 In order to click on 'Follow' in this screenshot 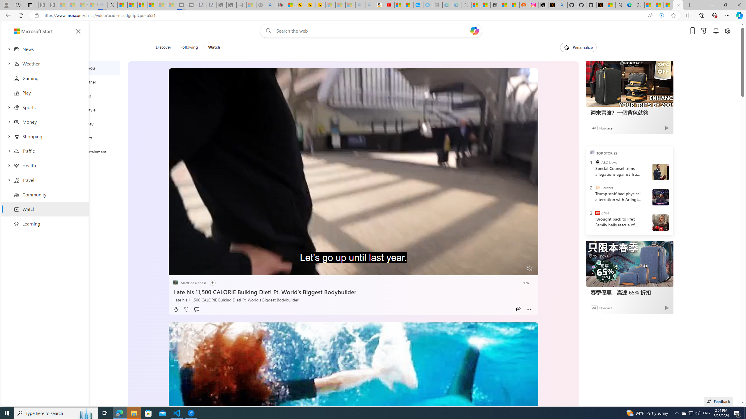, I will do `click(212, 283)`.